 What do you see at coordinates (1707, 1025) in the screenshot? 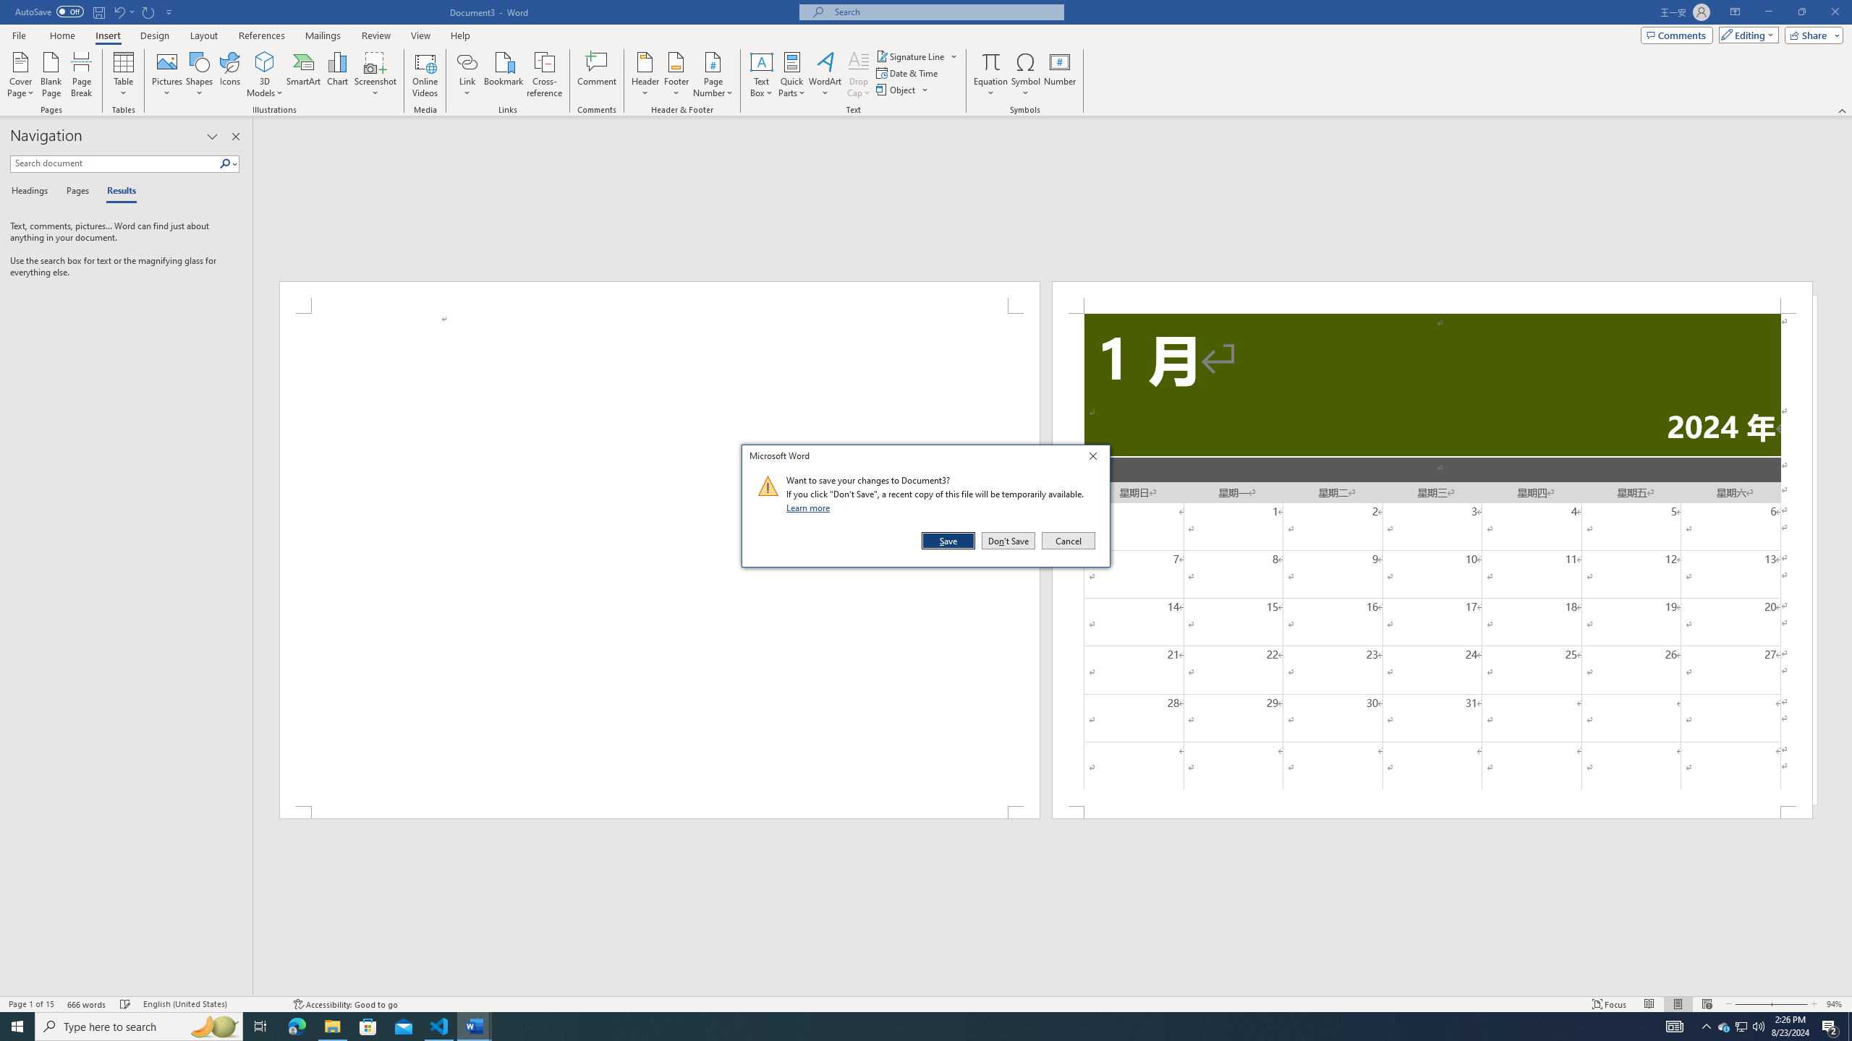
I see `'Notification Chevron'` at bounding box center [1707, 1025].